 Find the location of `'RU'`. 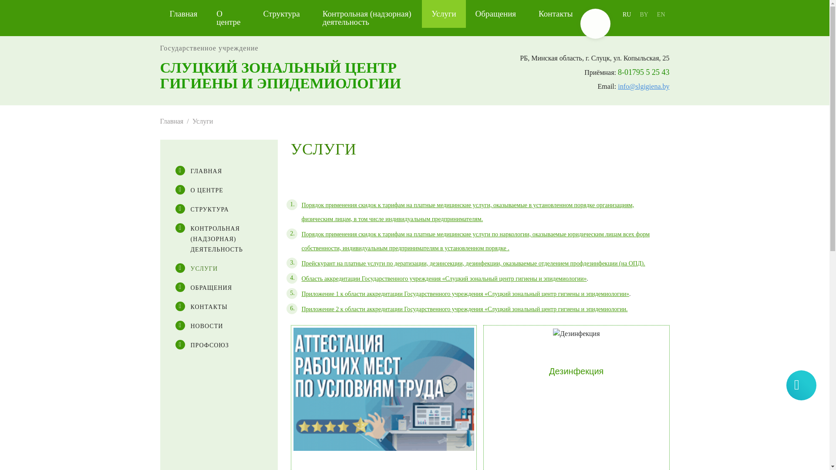

'RU' is located at coordinates (626, 14).